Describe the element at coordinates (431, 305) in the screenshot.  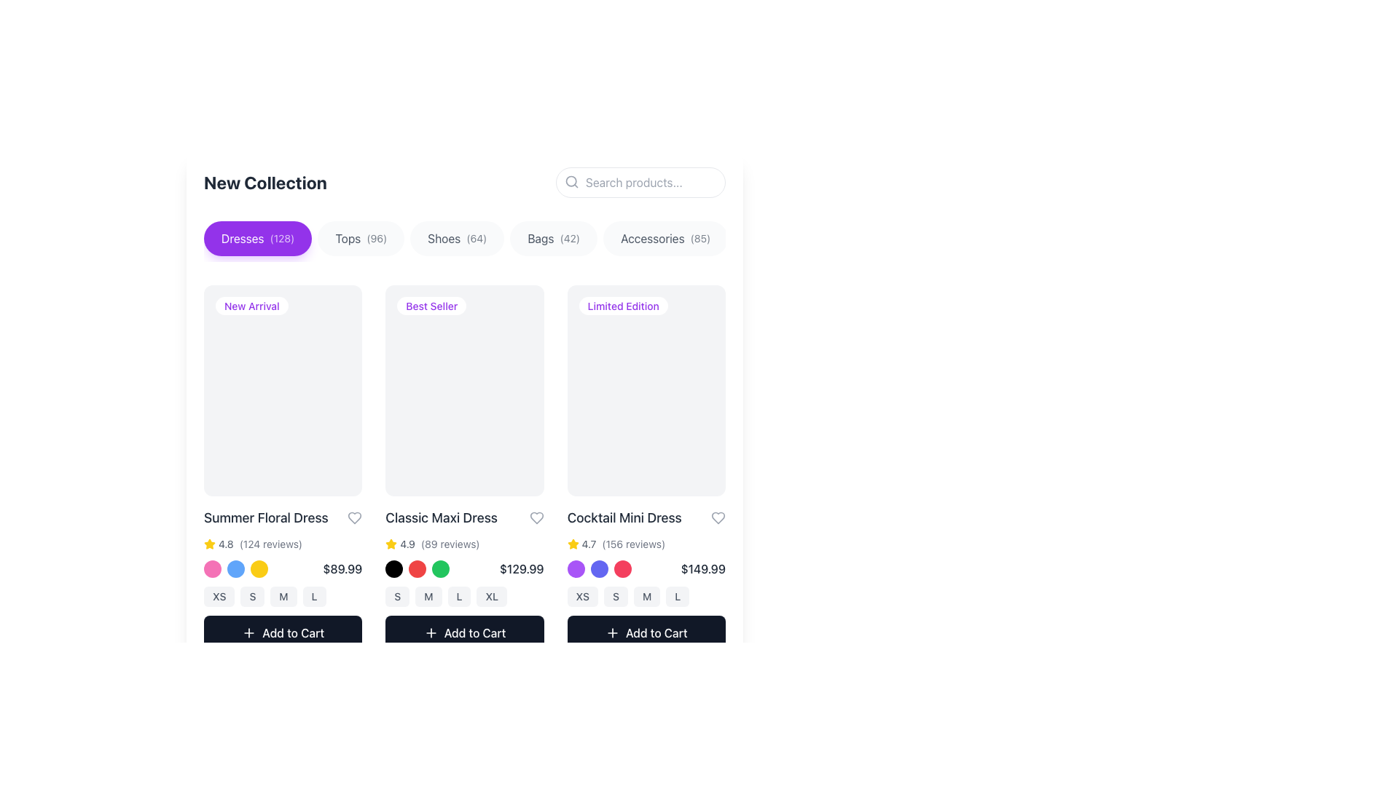
I see `the badge labeled 'Best Seller' which is styled in a bold purple font on a white background, located in the top-left corner of the 'Classic Maxi Dress' card` at that location.